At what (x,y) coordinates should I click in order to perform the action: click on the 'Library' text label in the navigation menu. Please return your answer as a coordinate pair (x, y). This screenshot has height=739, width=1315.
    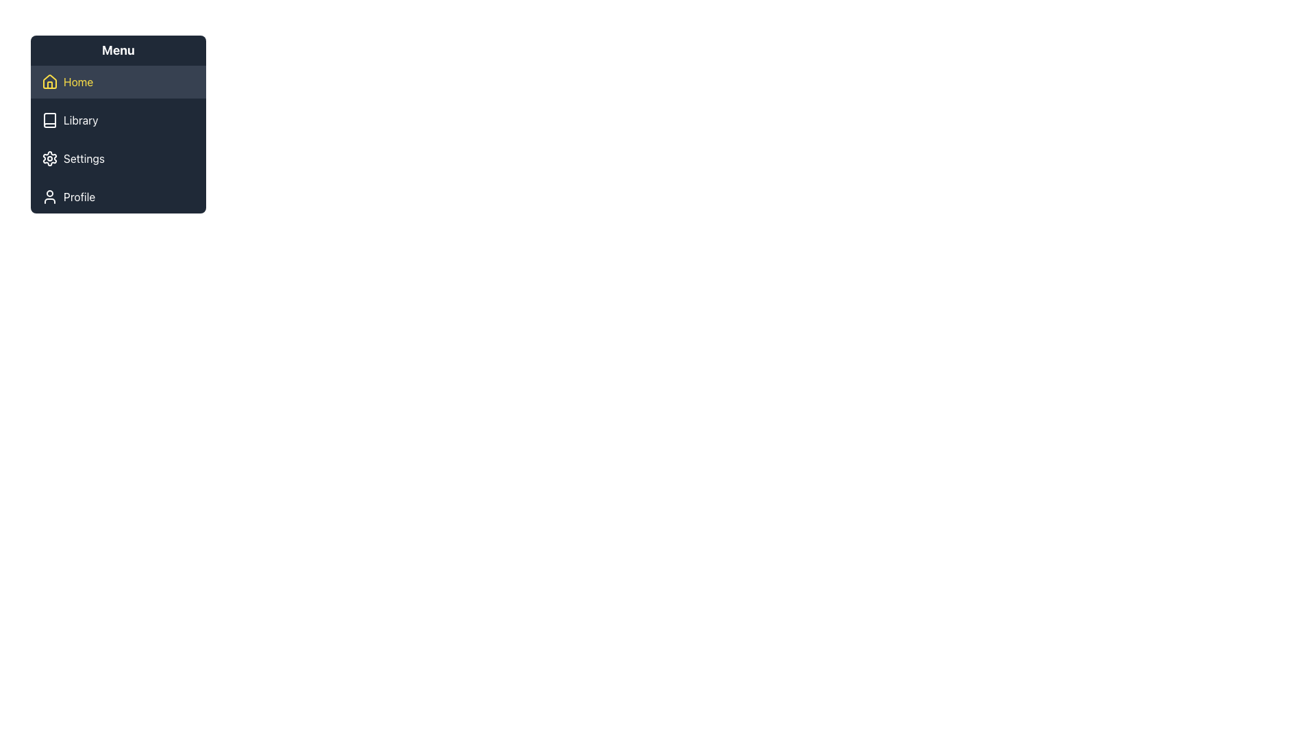
    Looking at the image, I should click on (80, 120).